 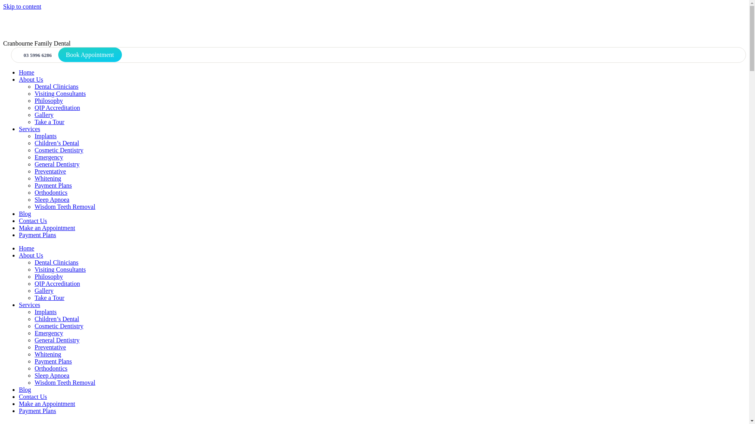 What do you see at coordinates (43, 291) in the screenshot?
I see `'Gallery'` at bounding box center [43, 291].